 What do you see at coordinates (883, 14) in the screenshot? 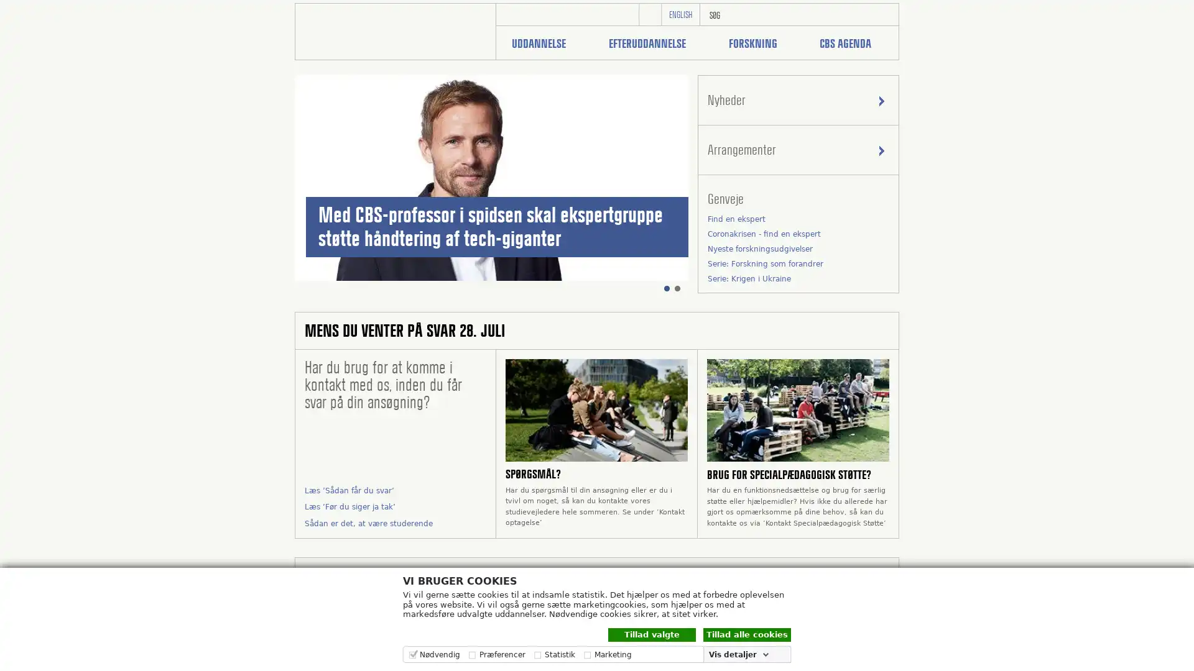
I see `Sg` at bounding box center [883, 14].